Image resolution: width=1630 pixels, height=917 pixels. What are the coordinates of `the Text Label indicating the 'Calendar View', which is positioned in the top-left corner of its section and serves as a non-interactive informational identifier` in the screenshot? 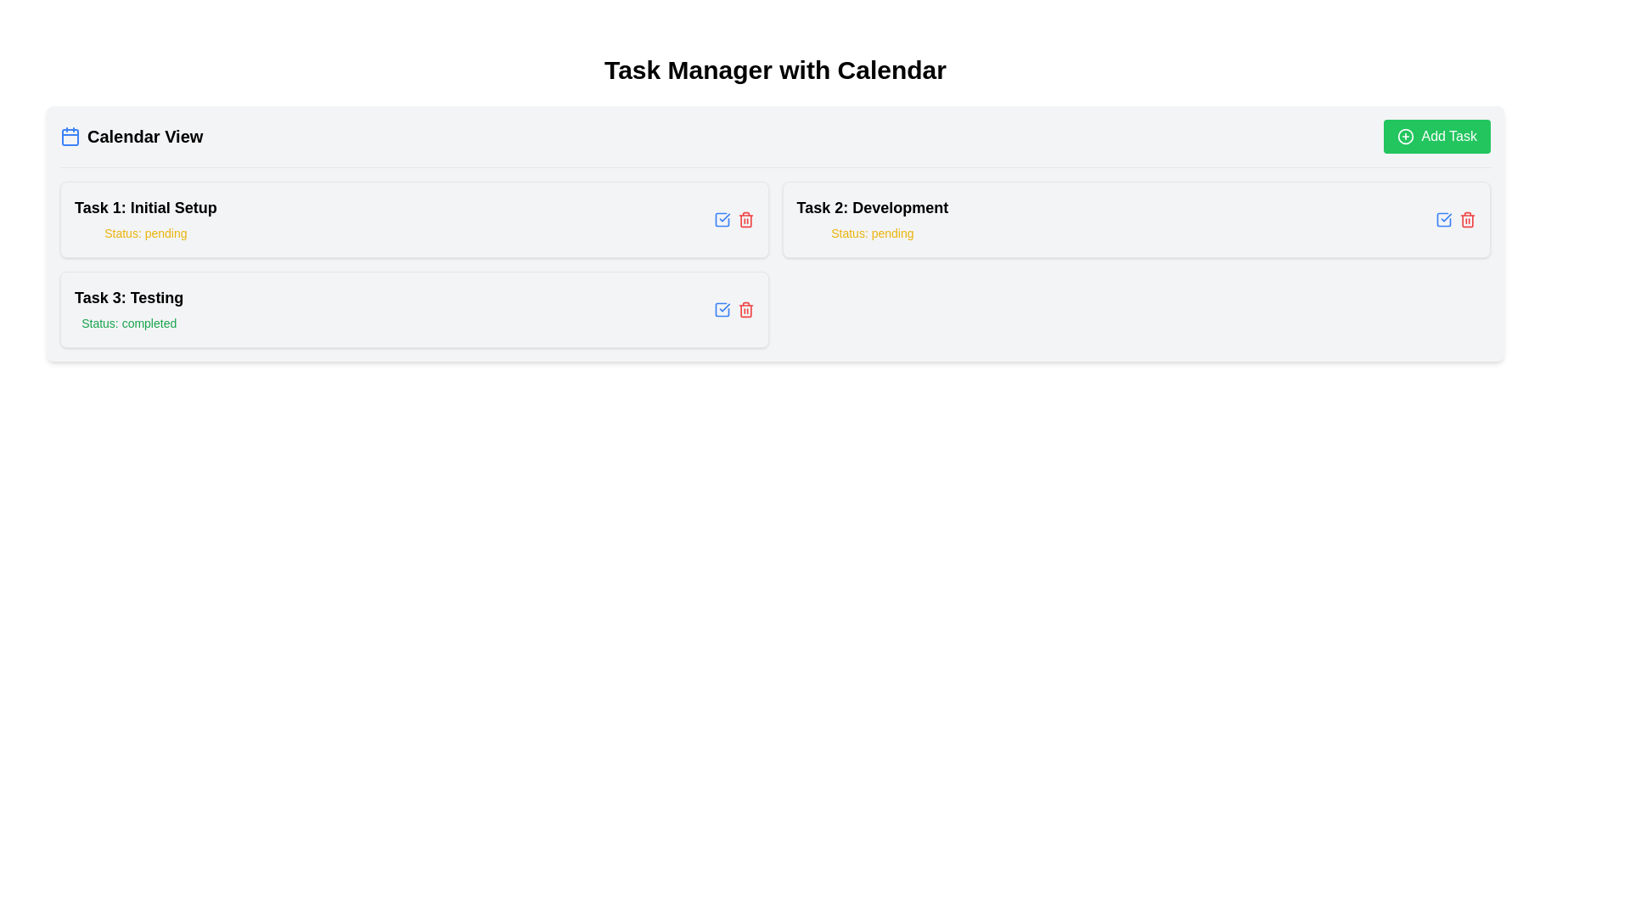 It's located at (131, 136).